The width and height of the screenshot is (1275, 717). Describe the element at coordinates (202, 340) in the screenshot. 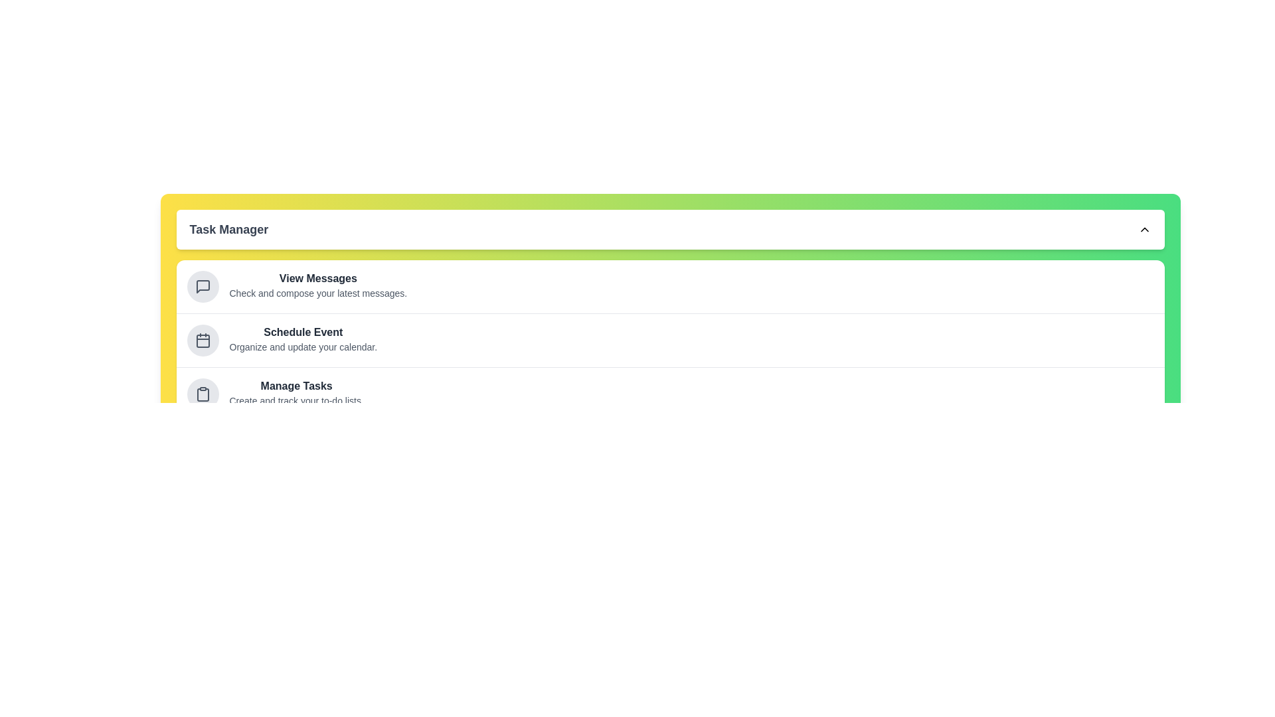

I see `the task item Schedule Event from the list` at that location.